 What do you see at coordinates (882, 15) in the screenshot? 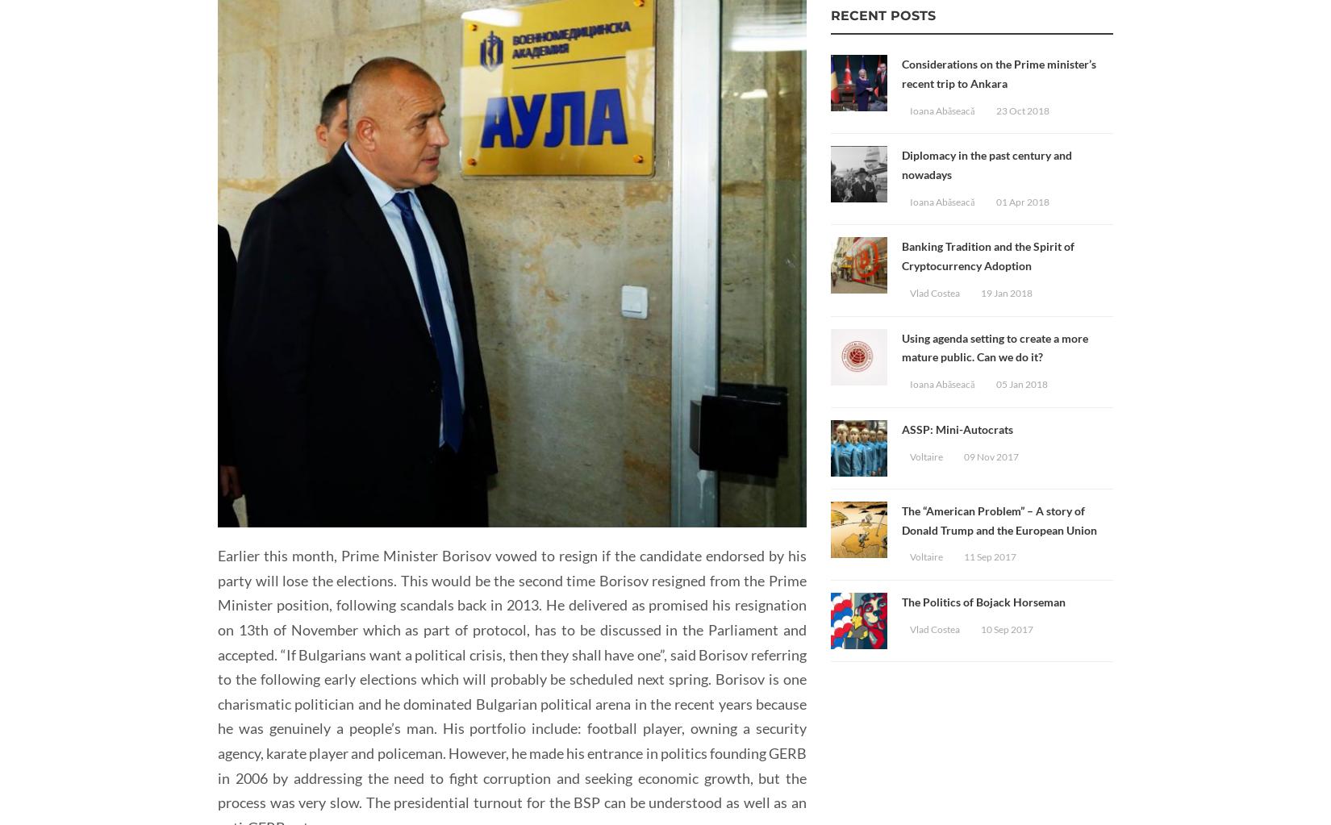
I see `'Recent Posts'` at bounding box center [882, 15].